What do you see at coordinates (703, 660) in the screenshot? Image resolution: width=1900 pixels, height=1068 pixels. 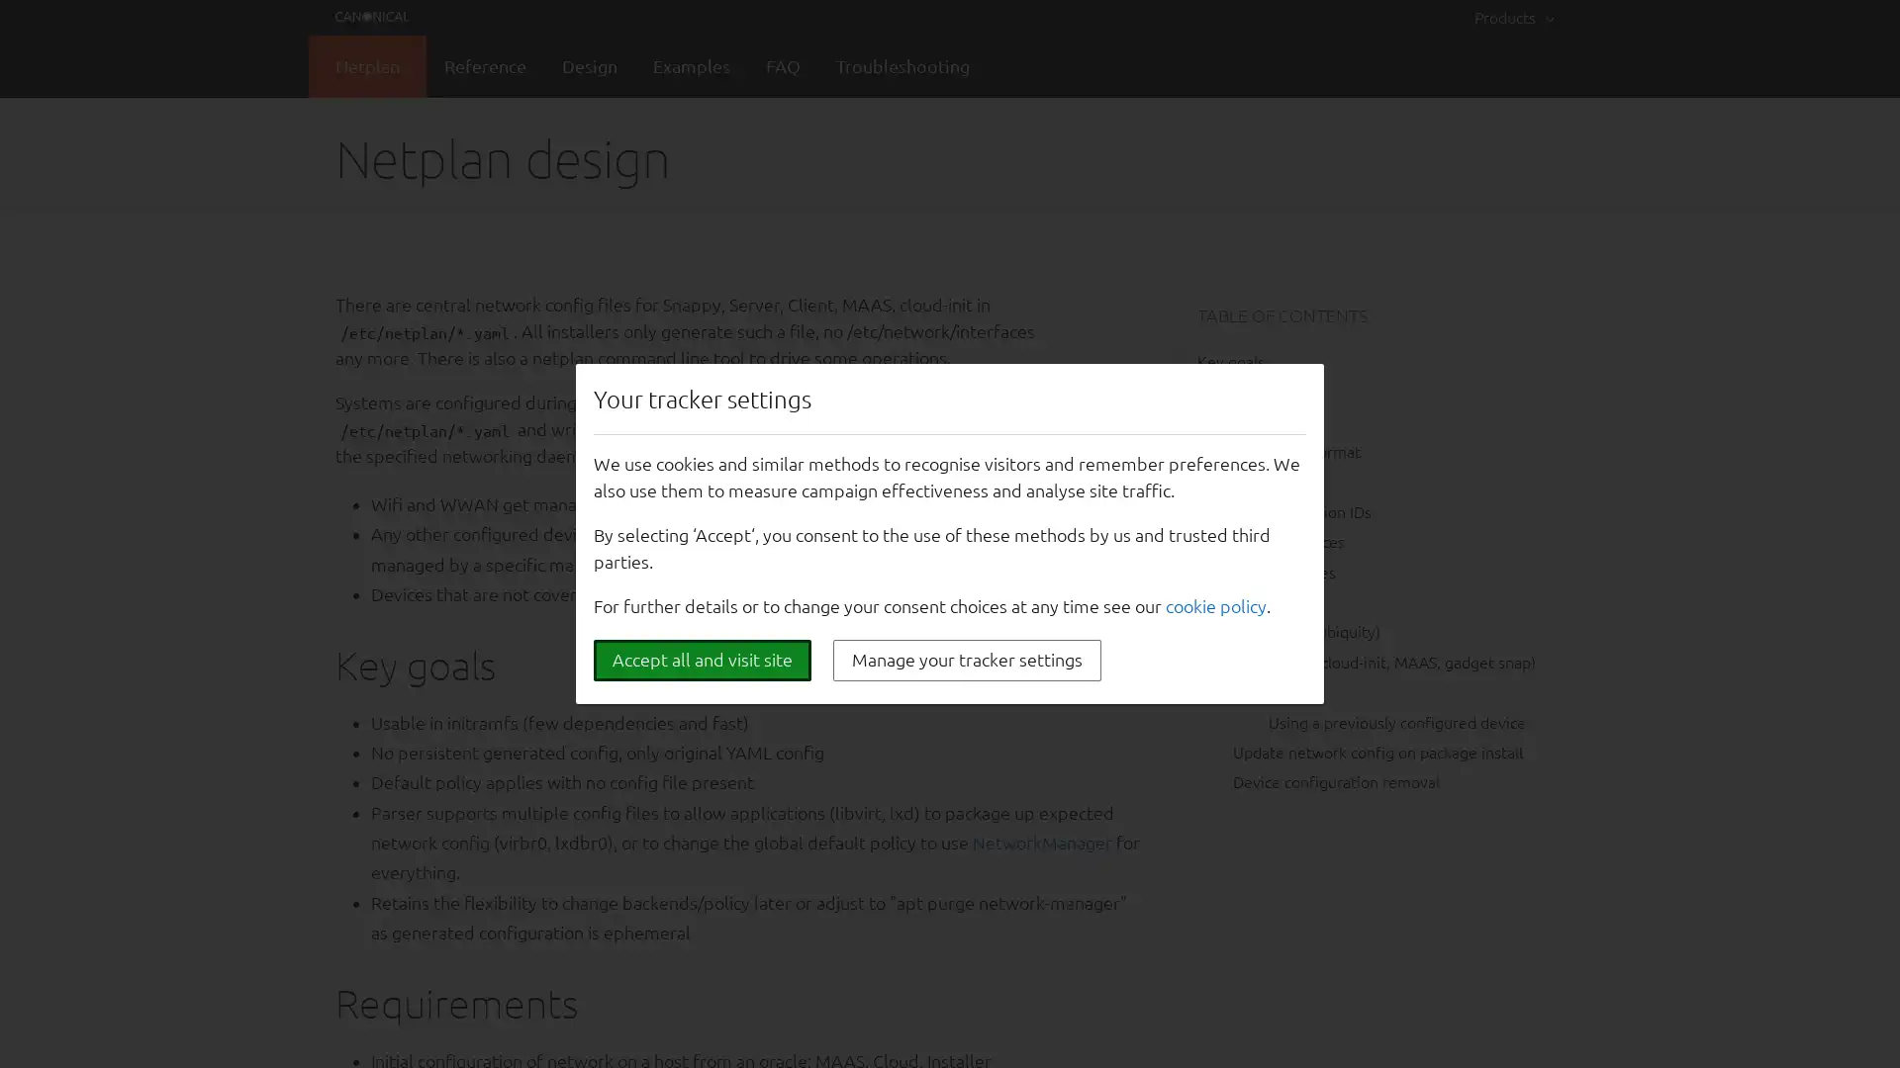 I see `Accept all and visit site` at bounding box center [703, 660].